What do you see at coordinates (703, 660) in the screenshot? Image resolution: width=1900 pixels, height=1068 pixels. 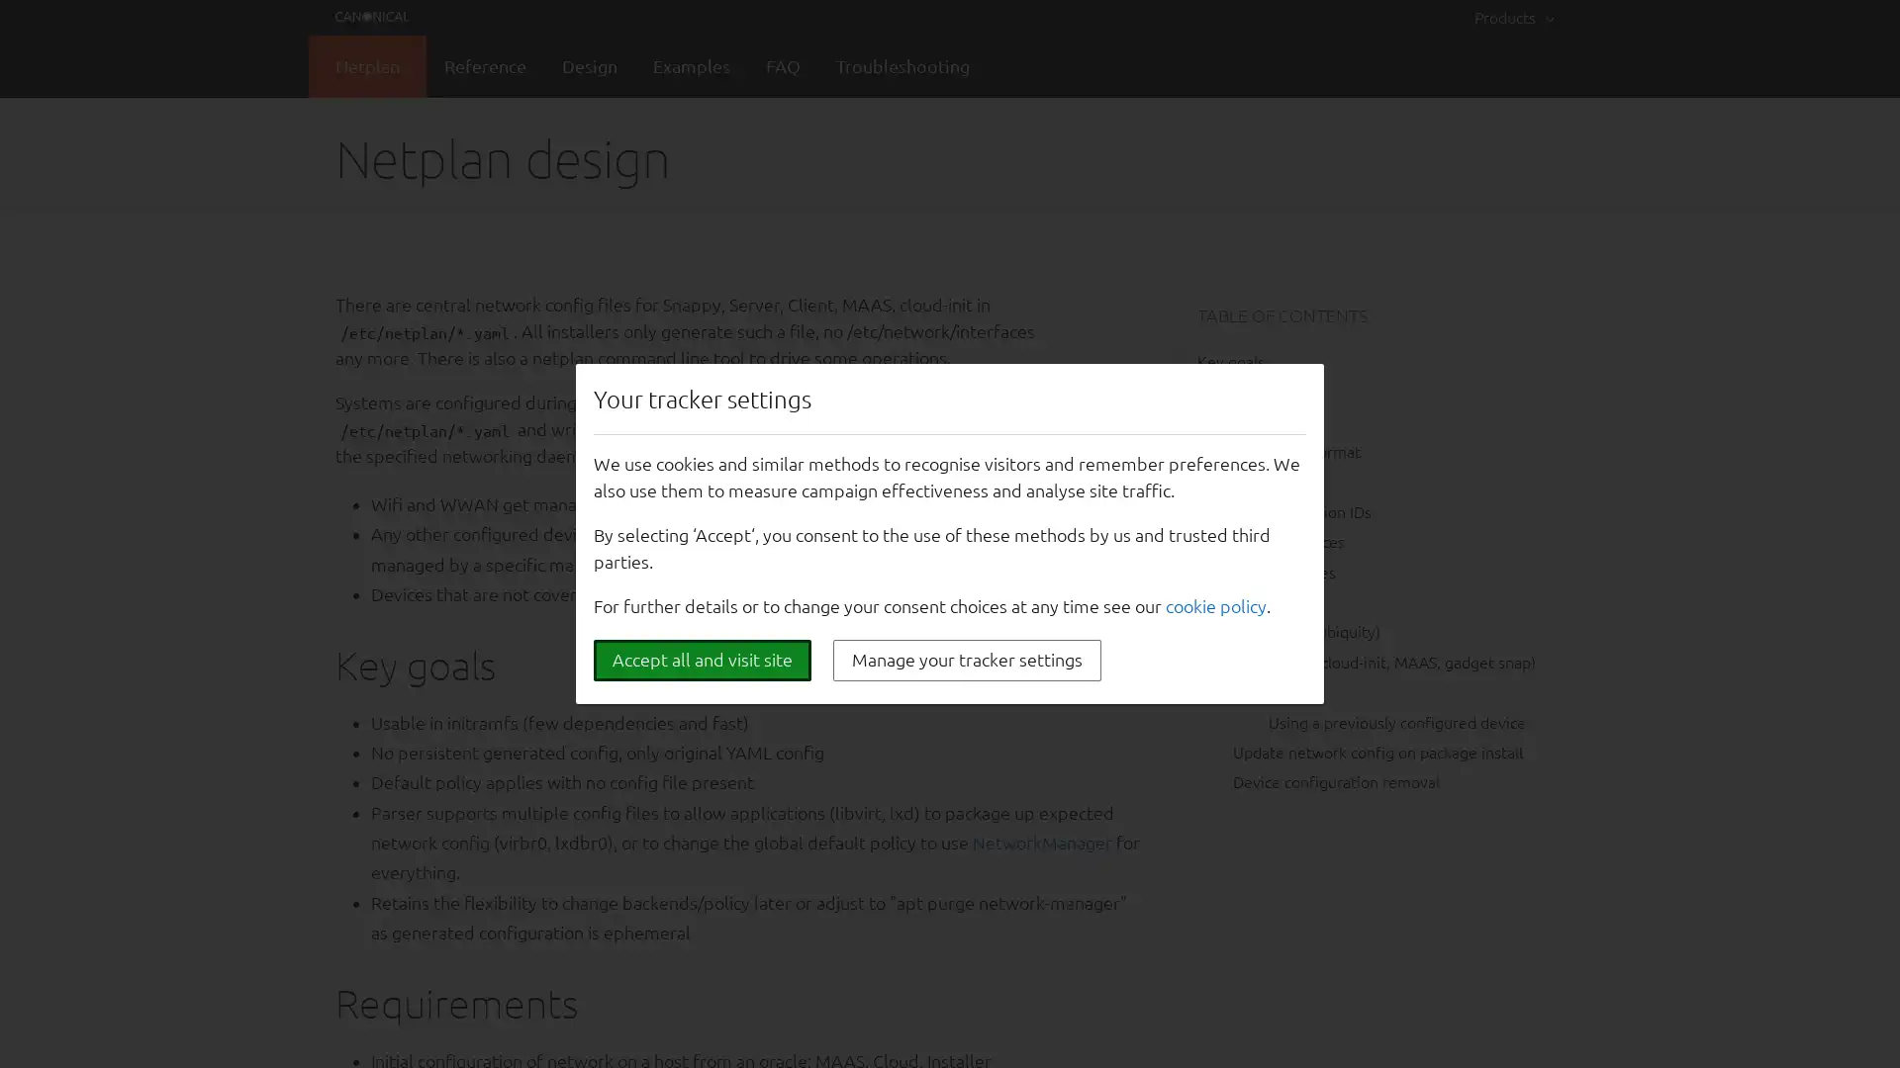 I see `Accept all and visit site` at bounding box center [703, 660].